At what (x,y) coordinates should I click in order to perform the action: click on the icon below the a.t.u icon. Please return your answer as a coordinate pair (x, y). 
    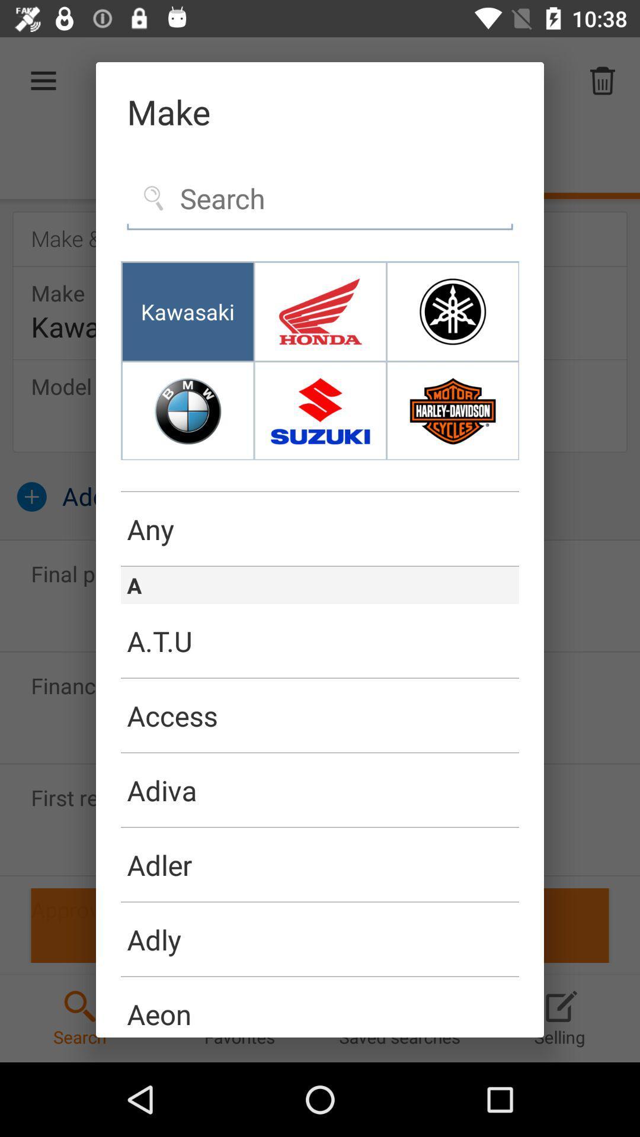
    Looking at the image, I should click on (320, 678).